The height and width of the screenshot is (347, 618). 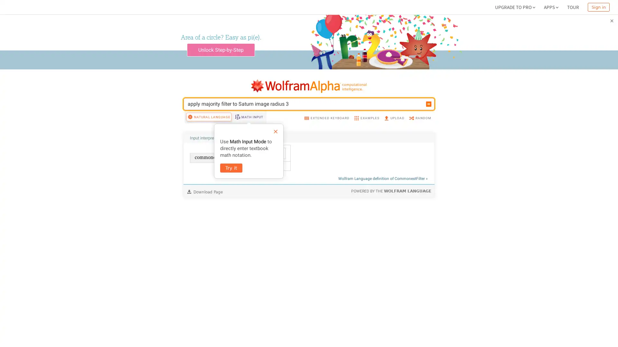 I want to click on EXTENDED KEYBOARD, so click(x=326, y=130).